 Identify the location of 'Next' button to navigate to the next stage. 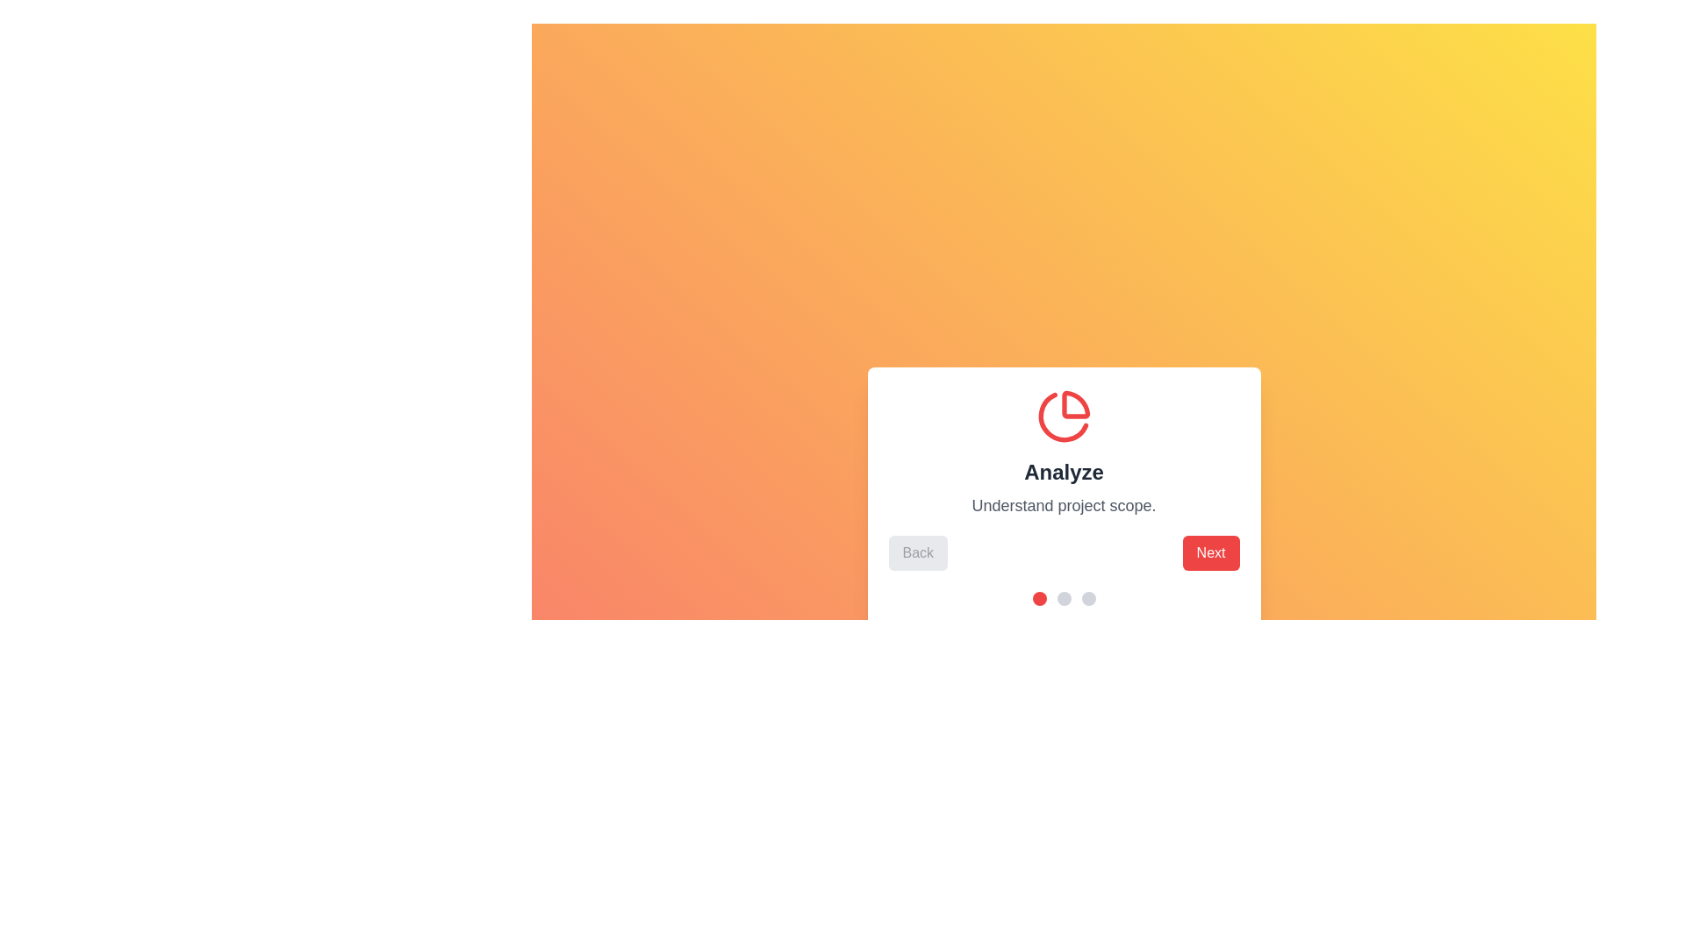
(1210, 553).